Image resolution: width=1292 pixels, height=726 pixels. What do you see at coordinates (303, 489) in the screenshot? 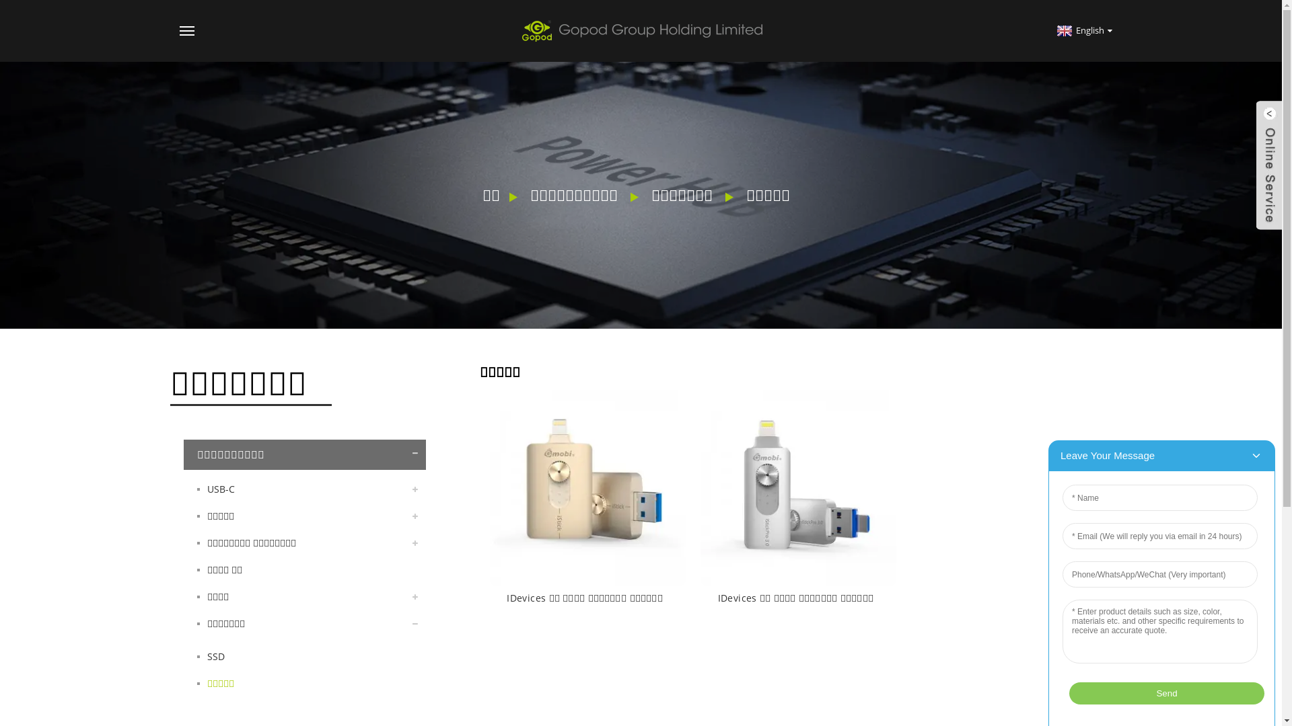
I see `'USB-C'` at bounding box center [303, 489].